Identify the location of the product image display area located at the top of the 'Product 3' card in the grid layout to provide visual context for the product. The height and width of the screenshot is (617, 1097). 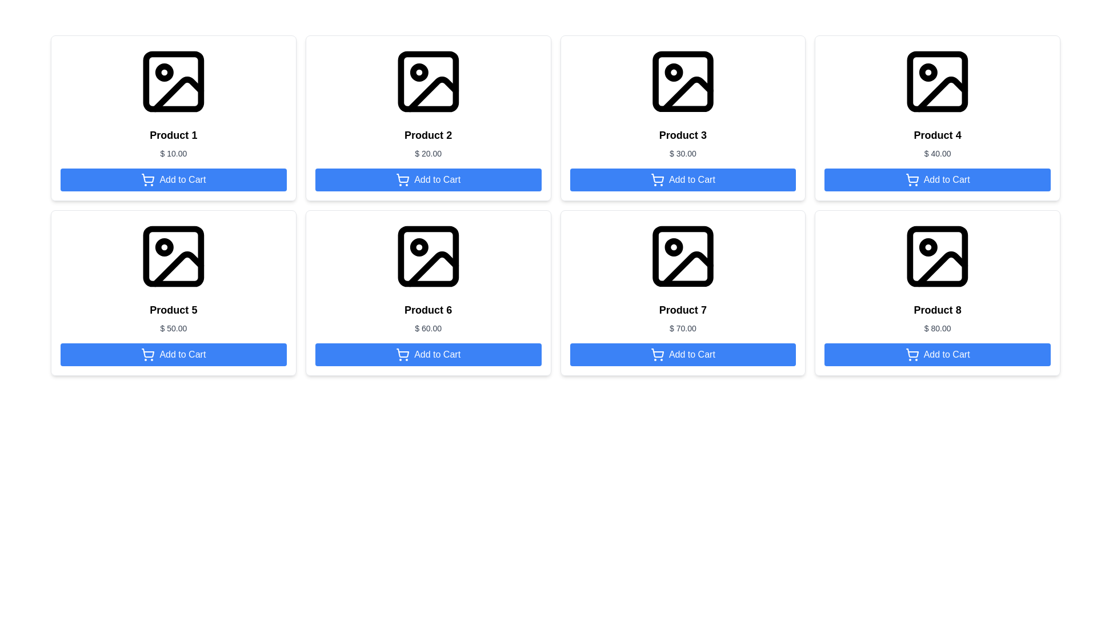
(683, 81).